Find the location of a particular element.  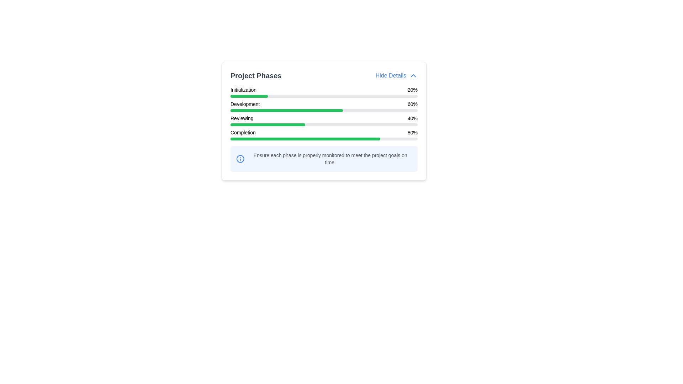

the green, horizontally-oriented progress bar that is styled with rounded ends and represents 40% of the full bar, located under the 'Reviewing' label is located at coordinates (268, 124).